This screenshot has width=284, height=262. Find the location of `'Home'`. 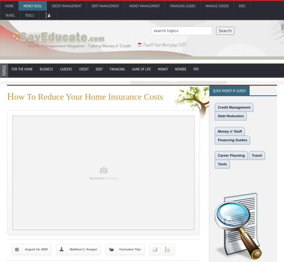

'Home' is located at coordinates (5, 6).